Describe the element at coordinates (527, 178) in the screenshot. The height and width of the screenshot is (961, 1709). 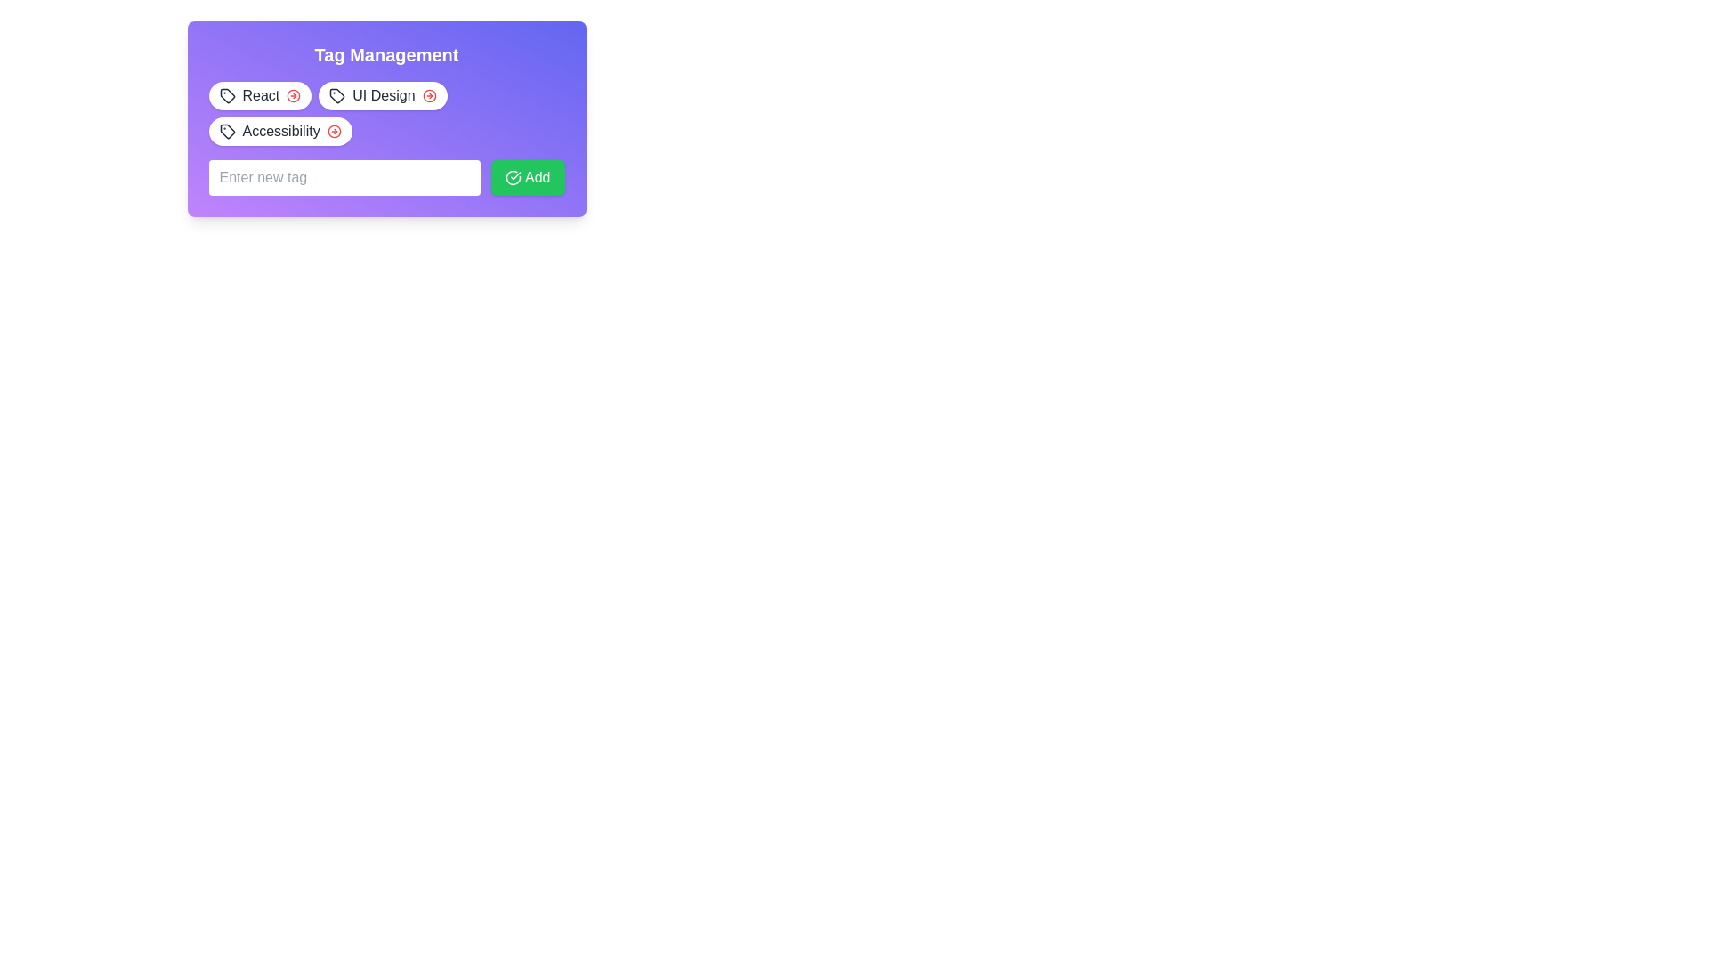
I see `the green rectangular button with a white checkmark icon and the word 'Add' in bold white text` at that location.